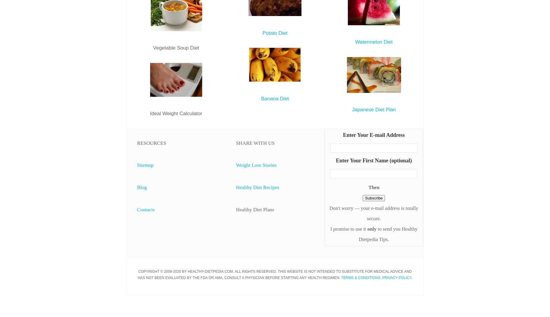 The image size is (550, 317). What do you see at coordinates (373, 187) in the screenshot?
I see `'Then'` at bounding box center [373, 187].